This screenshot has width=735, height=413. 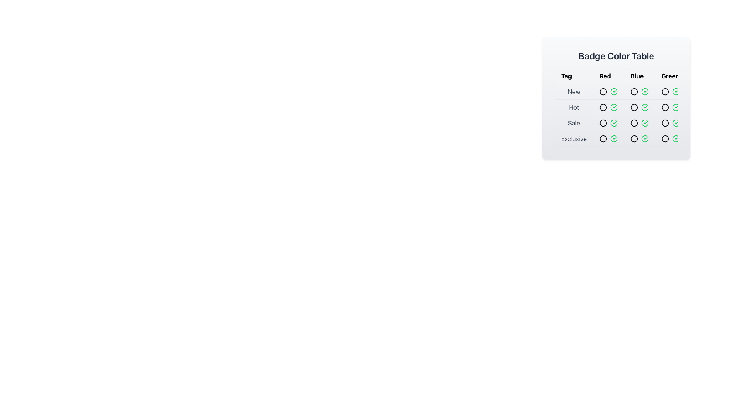 I want to click on the icon group in the 'Badge Color Table' located in the second row labeled 'Hot' under the column 'Red', so click(x=608, y=107).